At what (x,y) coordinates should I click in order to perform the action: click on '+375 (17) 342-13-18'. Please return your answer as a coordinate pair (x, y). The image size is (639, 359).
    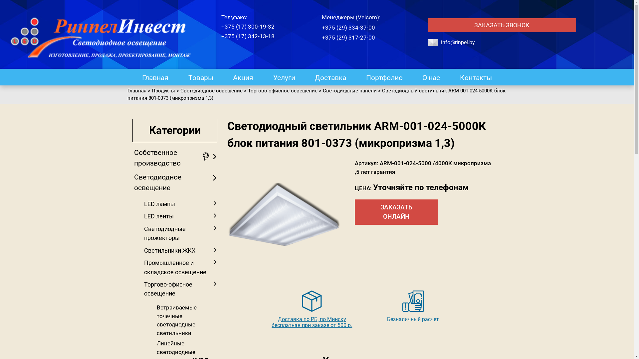
    Looking at the image, I should click on (247, 36).